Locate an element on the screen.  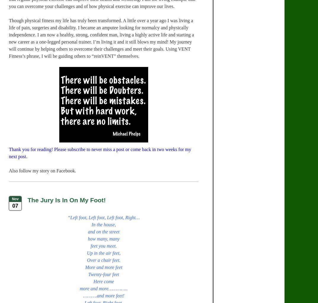
'Here come' is located at coordinates (103, 281).